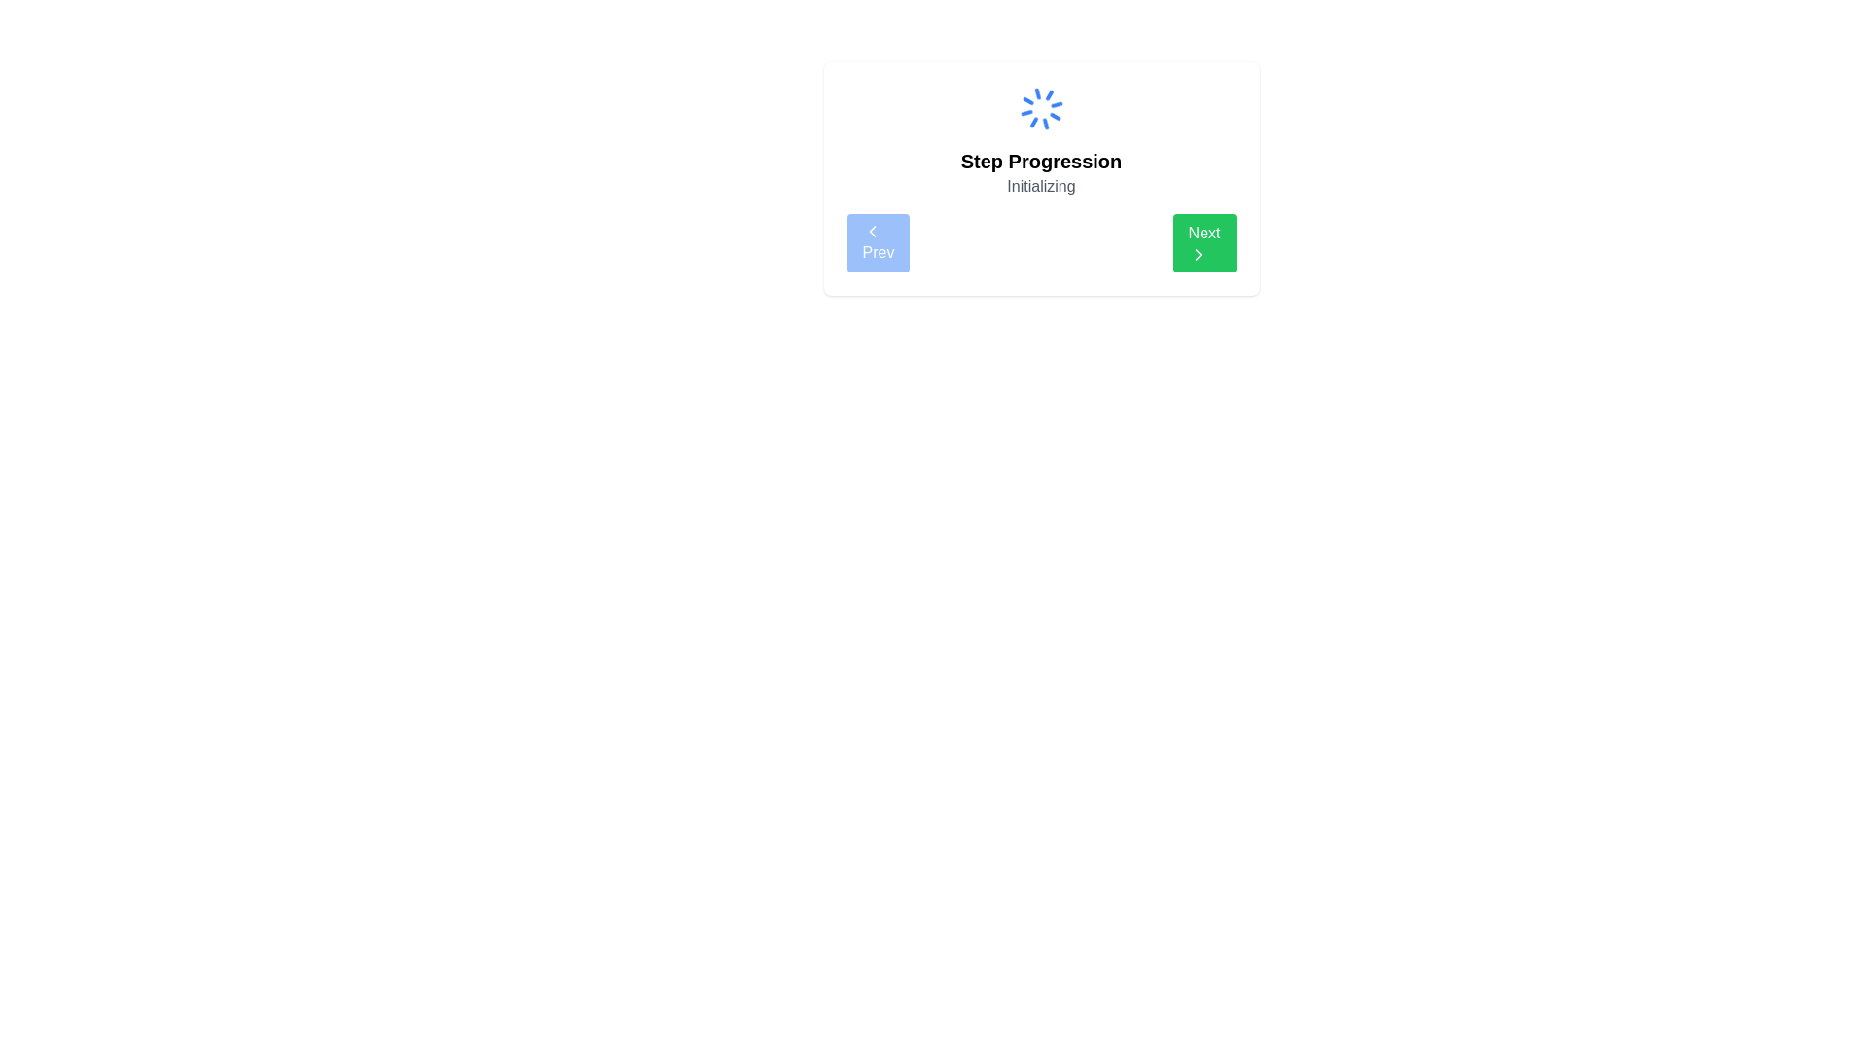 The height and width of the screenshot is (1051, 1868). What do you see at coordinates (1040, 108) in the screenshot?
I see `the animated spinning loader icon located centrally in a box above the text 'Step Progression'` at bounding box center [1040, 108].